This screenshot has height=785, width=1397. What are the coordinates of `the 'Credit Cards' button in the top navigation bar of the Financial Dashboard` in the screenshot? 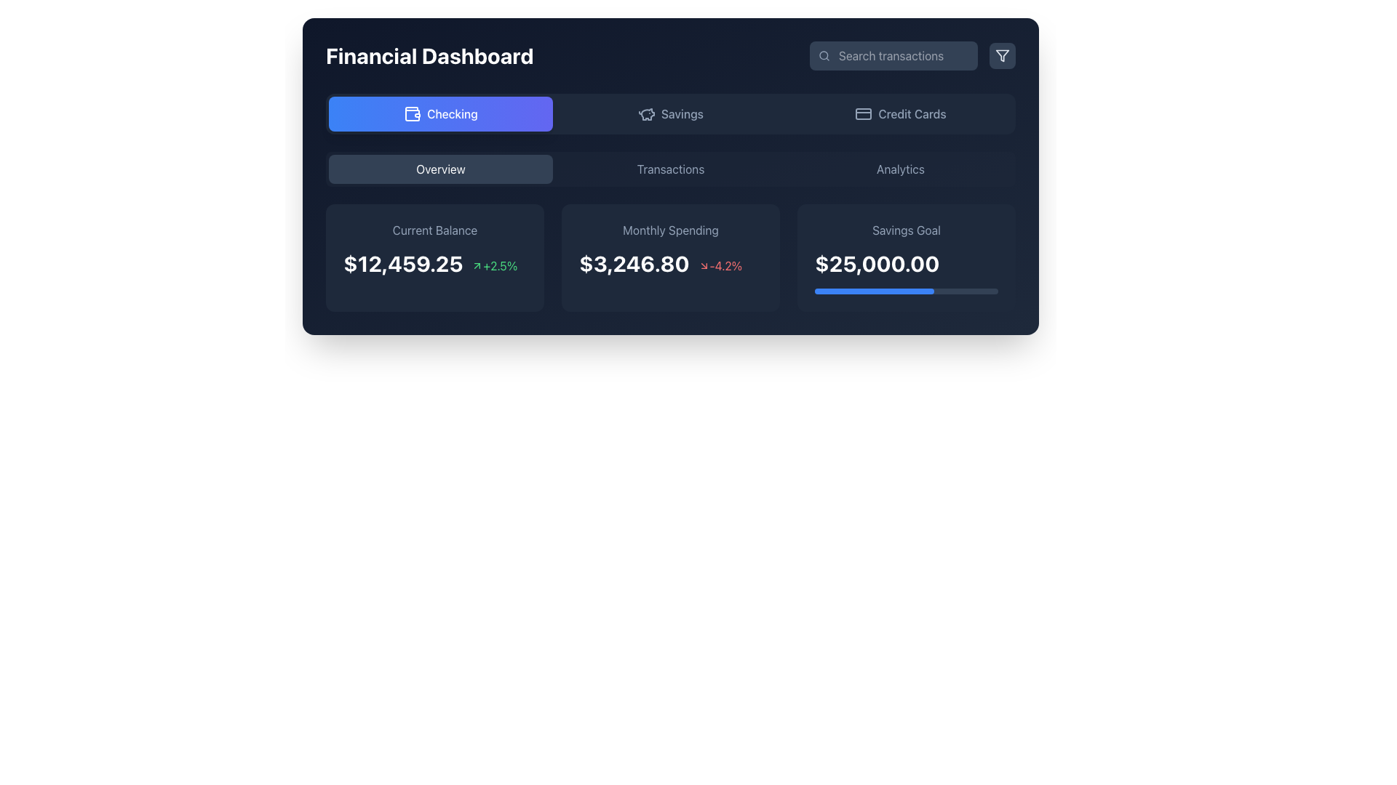 It's located at (864, 113).